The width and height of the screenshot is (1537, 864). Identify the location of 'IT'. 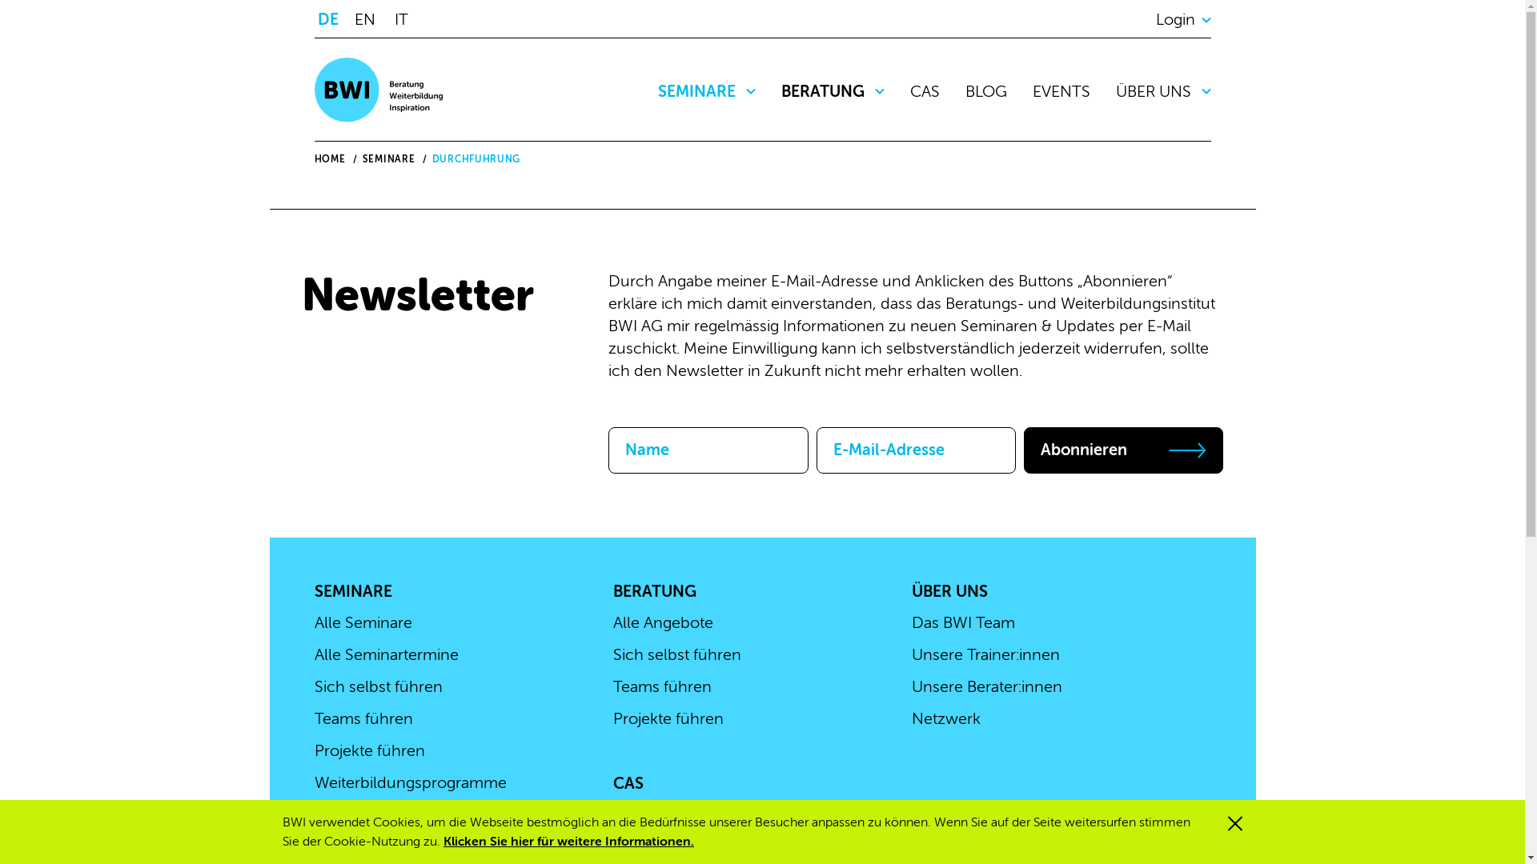
(406, 18).